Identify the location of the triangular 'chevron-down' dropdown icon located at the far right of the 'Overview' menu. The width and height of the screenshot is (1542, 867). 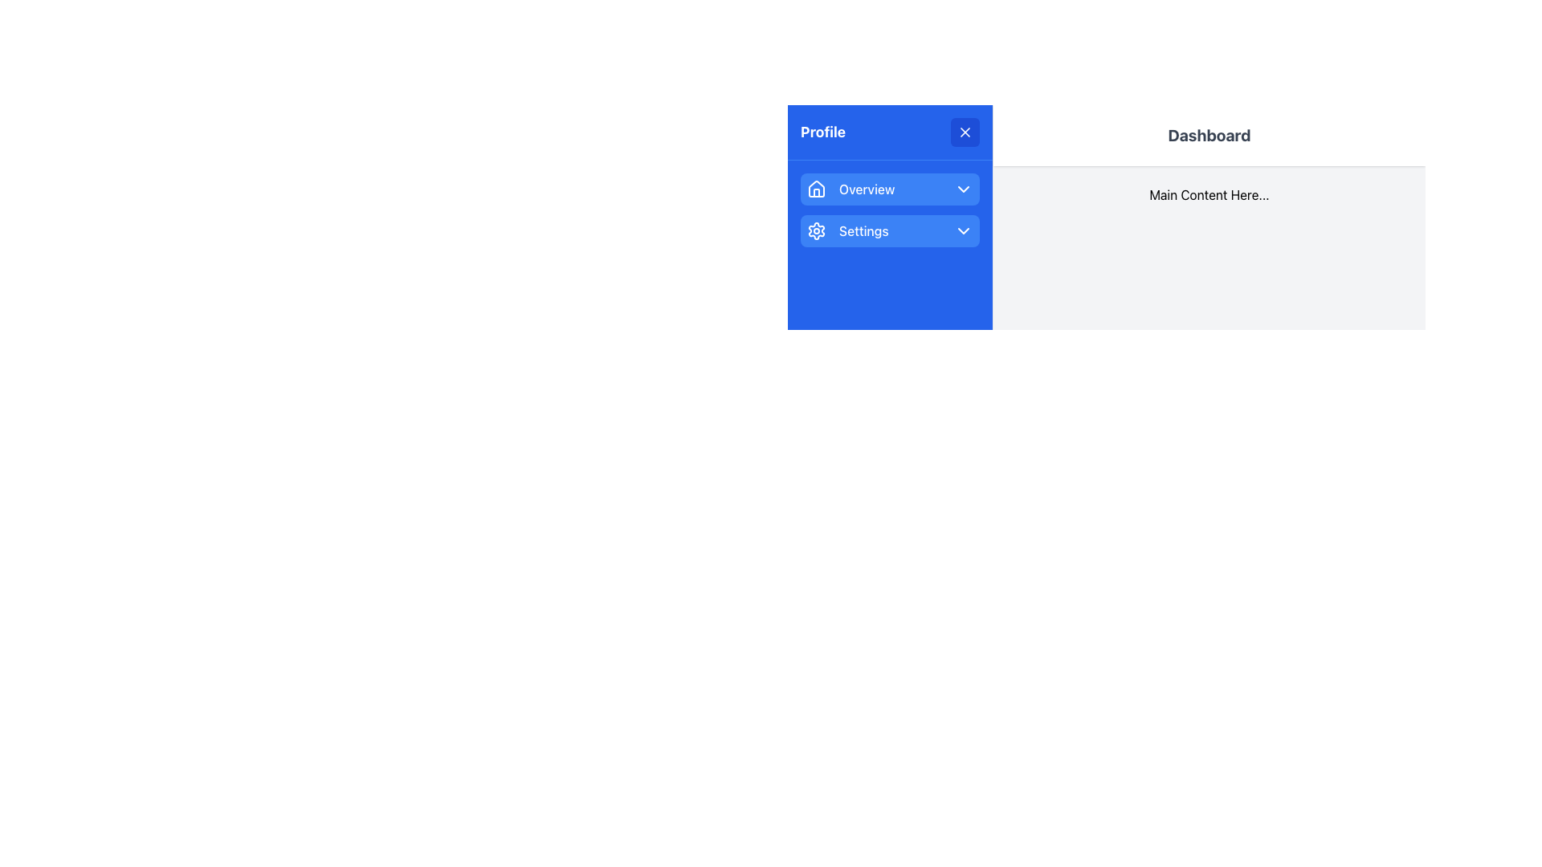
(964, 188).